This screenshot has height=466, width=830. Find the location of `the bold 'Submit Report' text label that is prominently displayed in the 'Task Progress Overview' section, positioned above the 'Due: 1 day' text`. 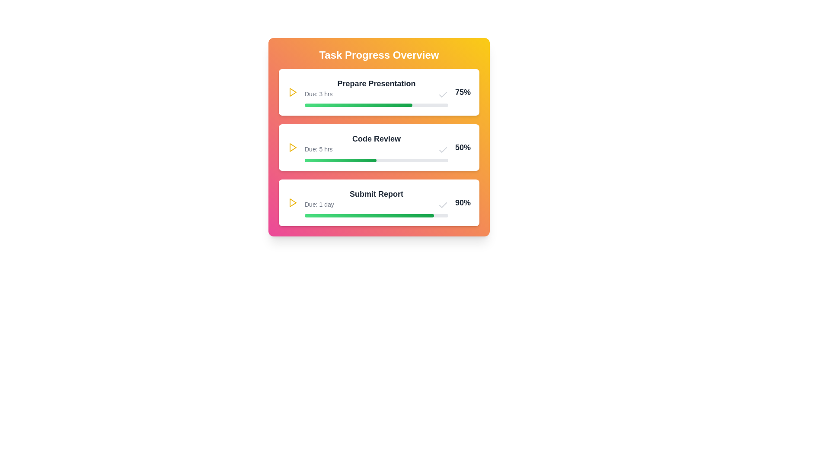

the bold 'Submit Report' text label that is prominently displayed in the 'Task Progress Overview' section, positioned above the 'Due: 1 day' text is located at coordinates (376, 194).